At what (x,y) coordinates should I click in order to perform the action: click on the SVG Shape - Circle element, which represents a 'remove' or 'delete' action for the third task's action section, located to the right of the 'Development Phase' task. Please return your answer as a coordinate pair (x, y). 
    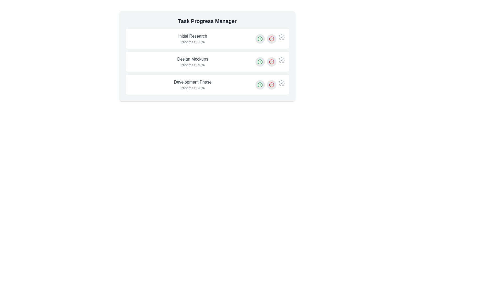
    Looking at the image, I should click on (271, 84).